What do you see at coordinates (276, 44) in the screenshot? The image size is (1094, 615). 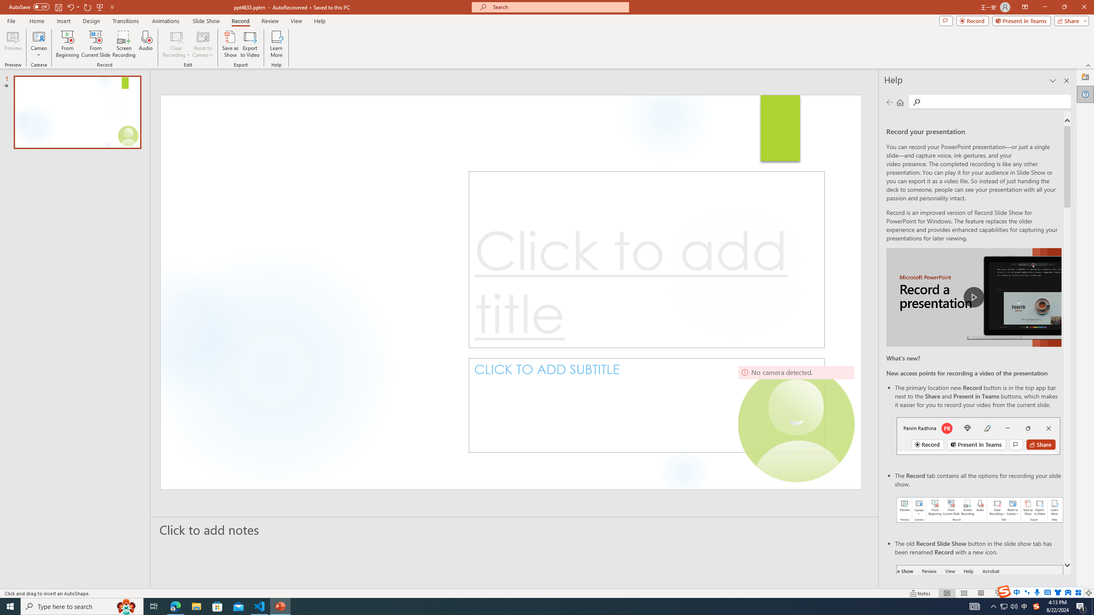 I see `'Learn More'` at bounding box center [276, 44].